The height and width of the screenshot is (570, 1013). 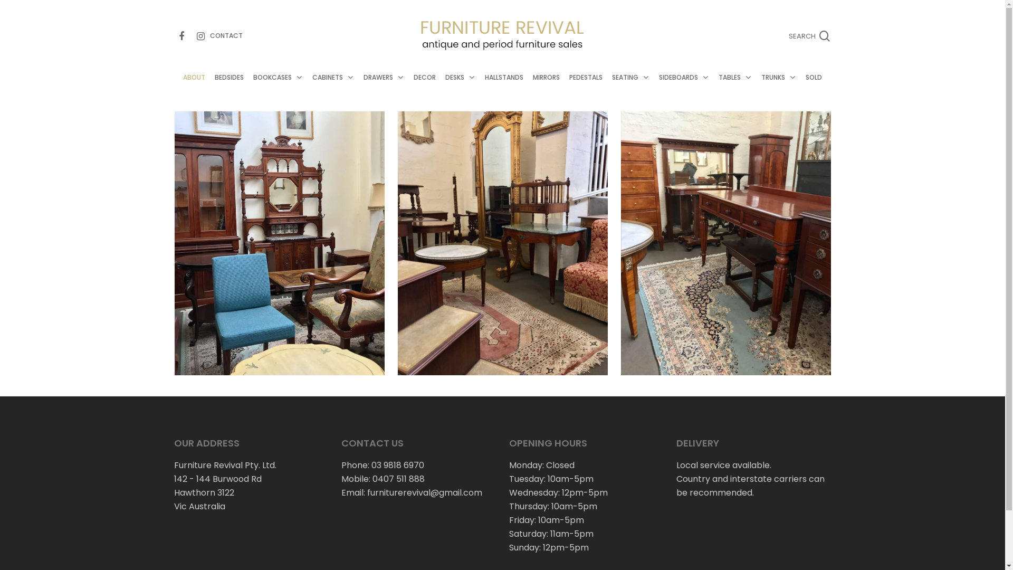 What do you see at coordinates (425, 492) in the screenshot?
I see `'furniturerevival@gmail.com'` at bounding box center [425, 492].